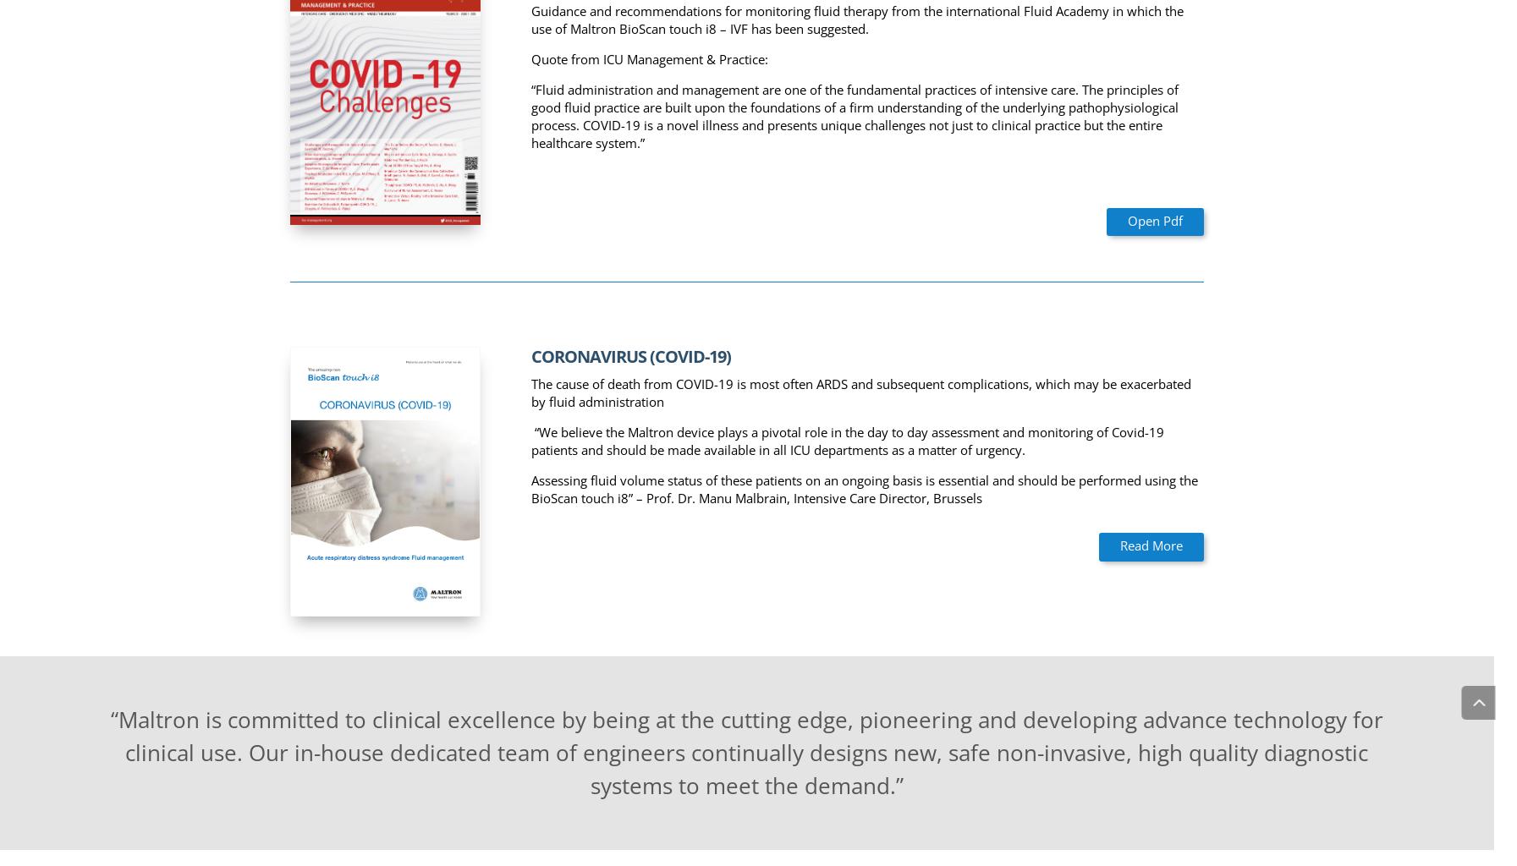 This screenshot has width=1517, height=866. I want to click on 'Quote from ICU Management & Practice:', so click(648, 58).